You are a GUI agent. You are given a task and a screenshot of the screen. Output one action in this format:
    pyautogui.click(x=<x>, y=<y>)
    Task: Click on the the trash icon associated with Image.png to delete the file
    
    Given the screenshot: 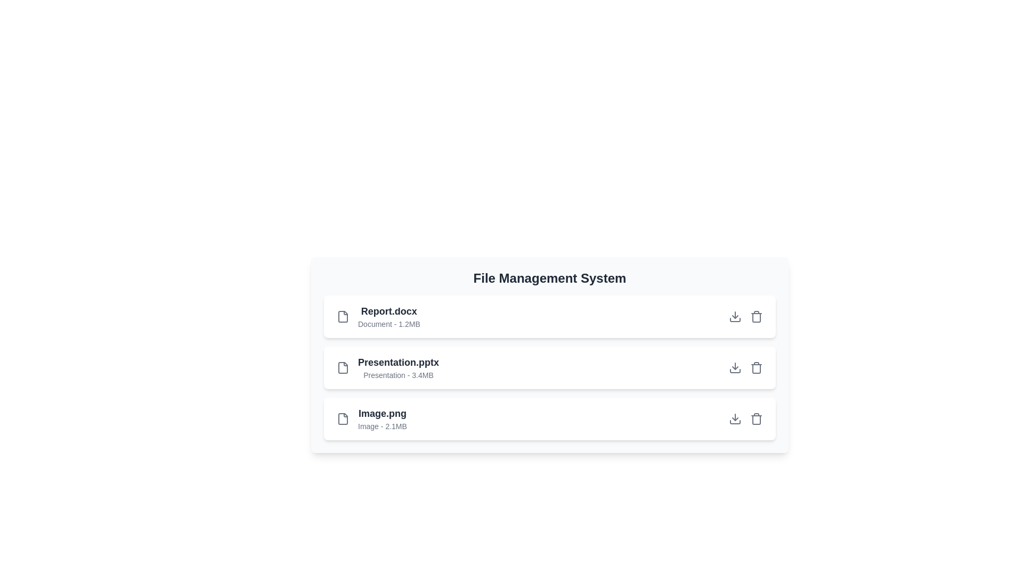 What is the action you would take?
    pyautogui.click(x=756, y=418)
    